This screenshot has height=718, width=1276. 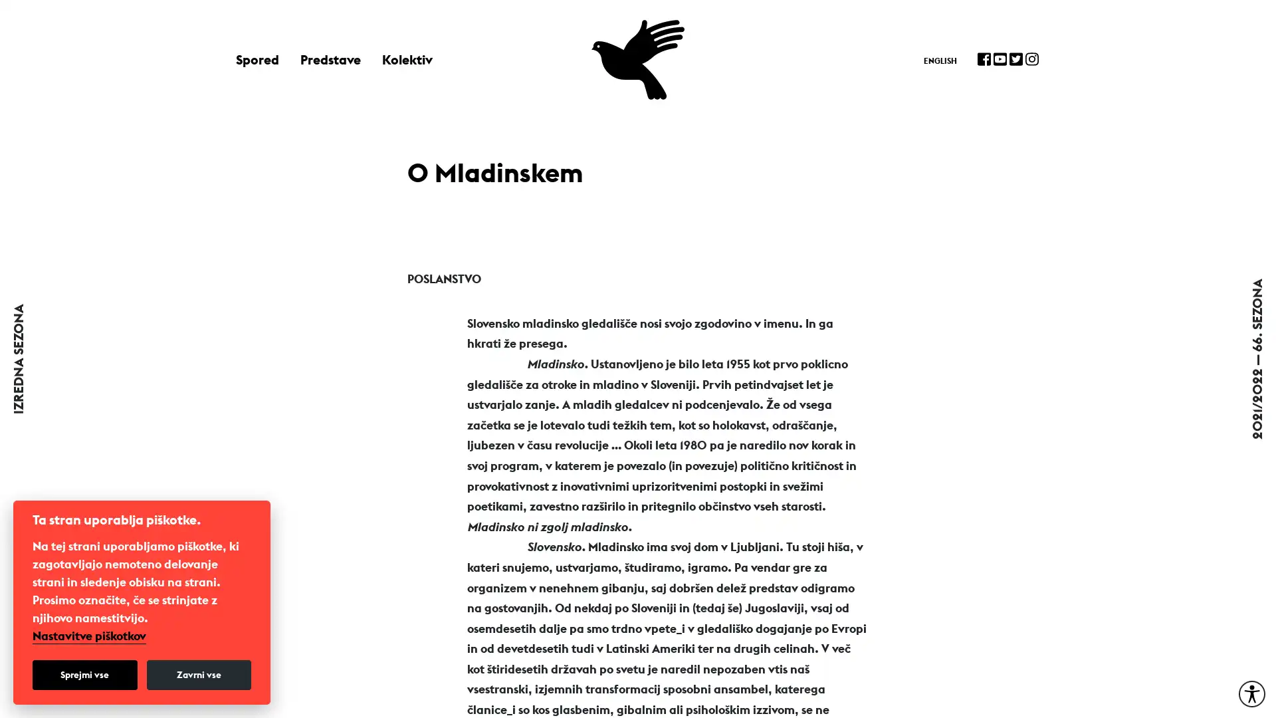 What do you see at coordinates (83, 674) in the screenshot?
I see `Sprejmi vse` at bounding box center [83, 674].